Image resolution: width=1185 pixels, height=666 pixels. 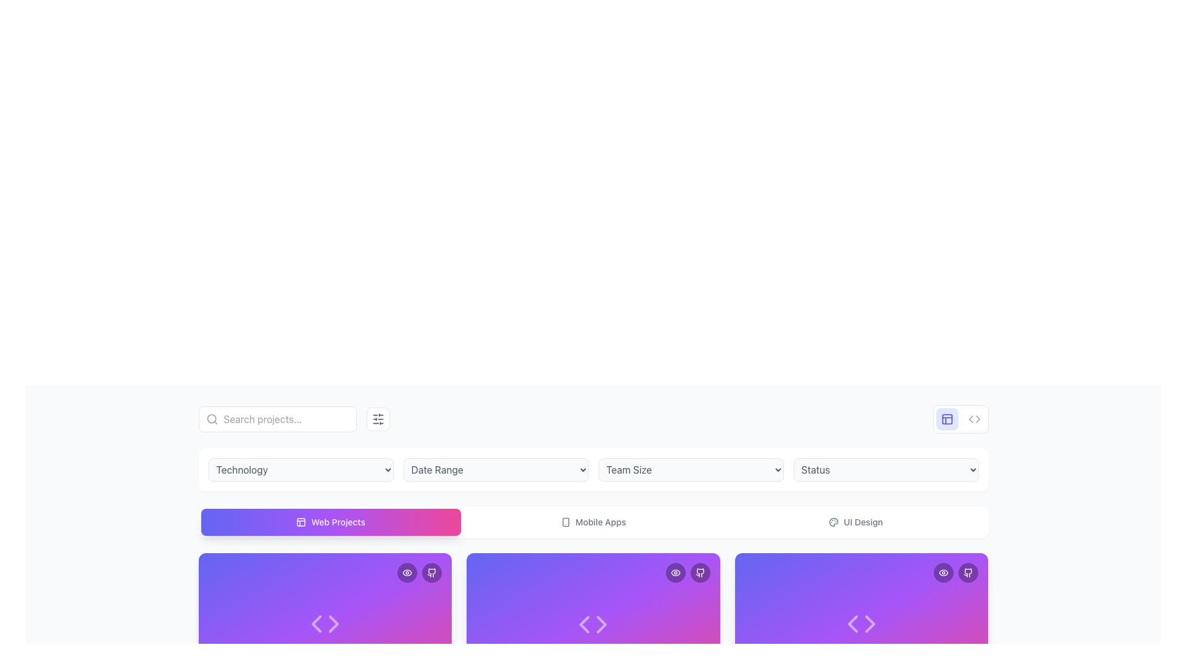 What do you see at coordinates (593, 470) in the screenshot?
I see `the interactive dropdown menu in the toolbar section` at bounding box center [593, 470].